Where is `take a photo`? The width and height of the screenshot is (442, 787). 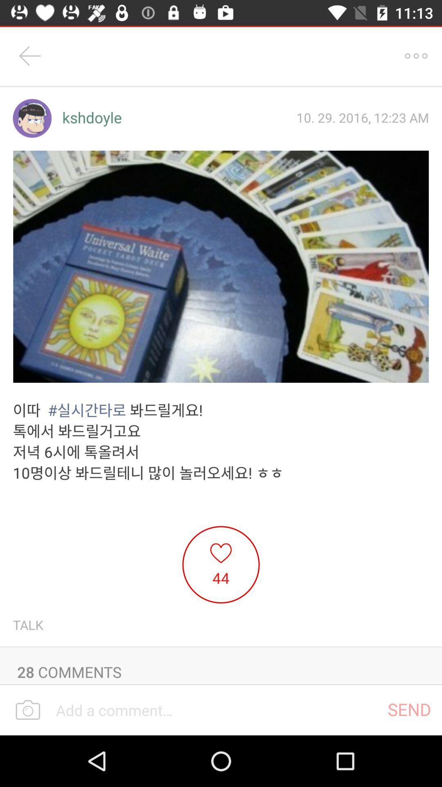
take a photo is located at coordinates (27, 710).